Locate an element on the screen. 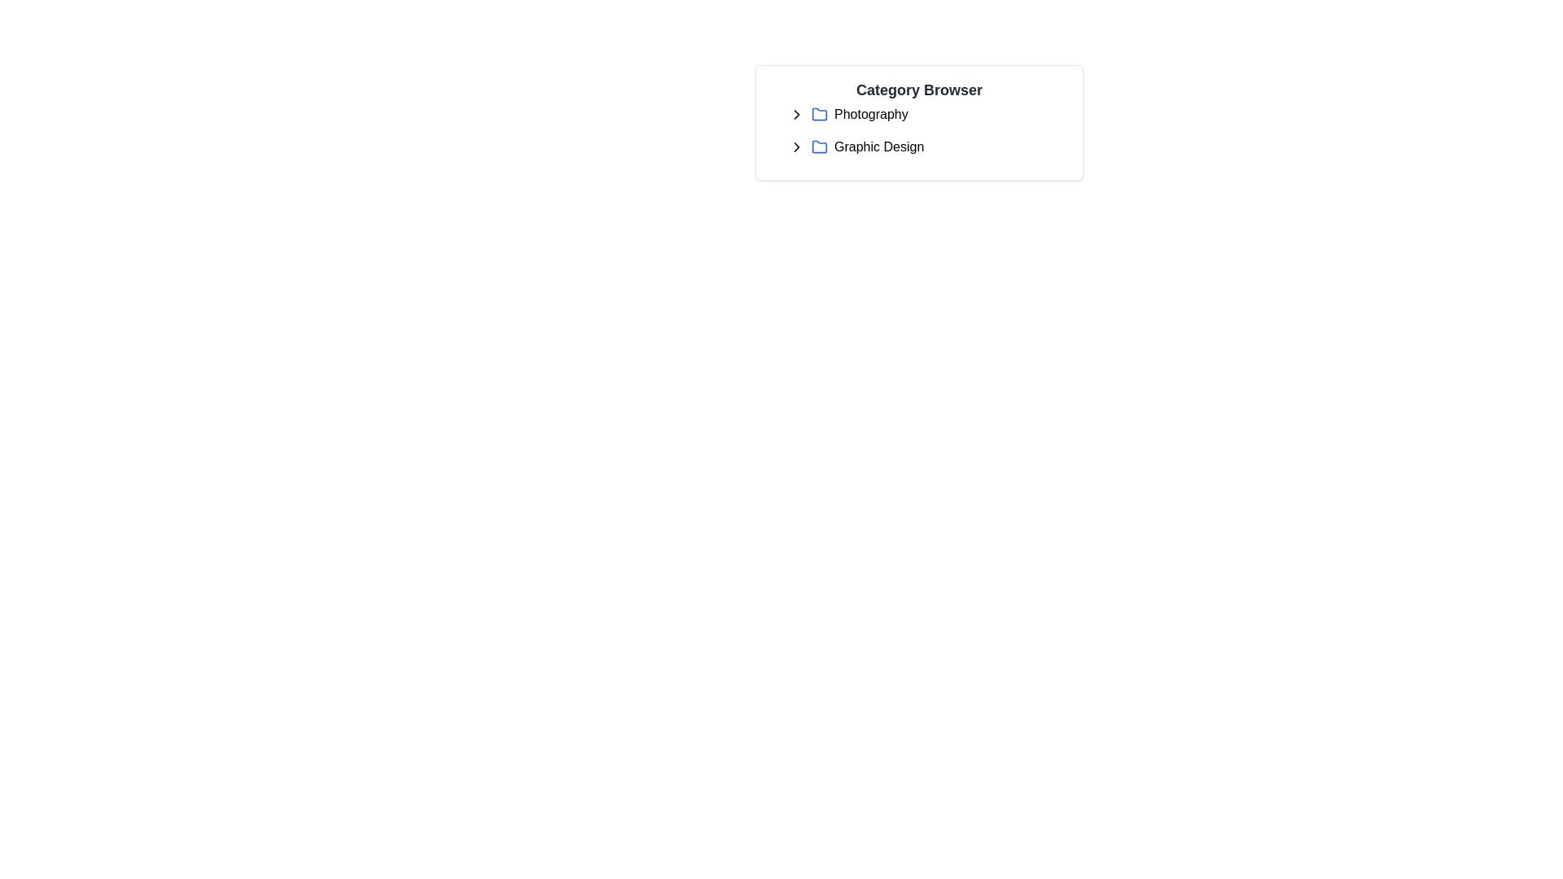  the right-facing chevron icon used as a navigation or expansion indicator, which is located to the left of the 'Graphic Design' text in the 'Category Browser' interface is located at coordinates (797, 147).